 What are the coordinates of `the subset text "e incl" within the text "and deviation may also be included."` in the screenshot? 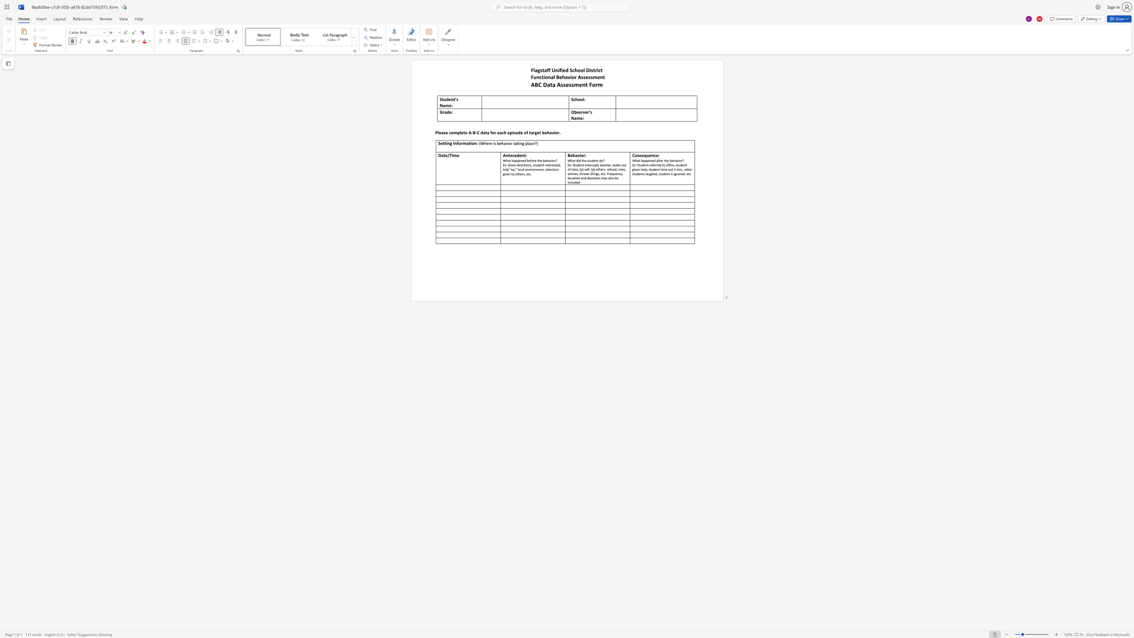 It's located at (616, 177).